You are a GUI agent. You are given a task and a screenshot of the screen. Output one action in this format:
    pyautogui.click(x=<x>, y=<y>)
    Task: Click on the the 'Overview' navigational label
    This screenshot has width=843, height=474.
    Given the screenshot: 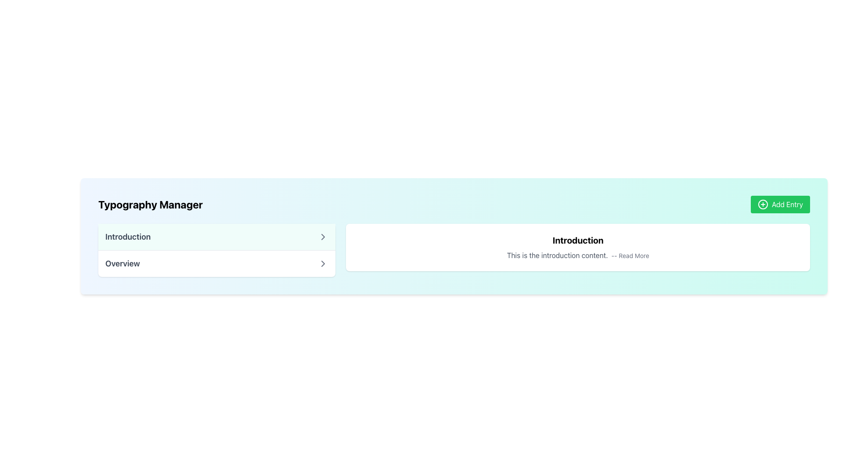 What is the action you would take?
    pyautogui.click(x=122, y=263)
    